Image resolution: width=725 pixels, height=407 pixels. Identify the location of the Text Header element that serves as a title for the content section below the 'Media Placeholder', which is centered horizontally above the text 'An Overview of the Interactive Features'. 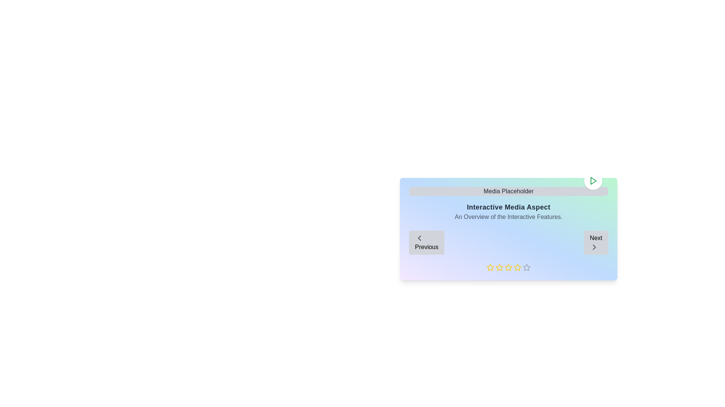
(509, 207).